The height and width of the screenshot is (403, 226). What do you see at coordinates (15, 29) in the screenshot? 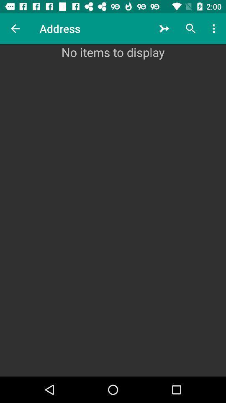
I see `the icon above no items to item` at bounding box center [15, 29].